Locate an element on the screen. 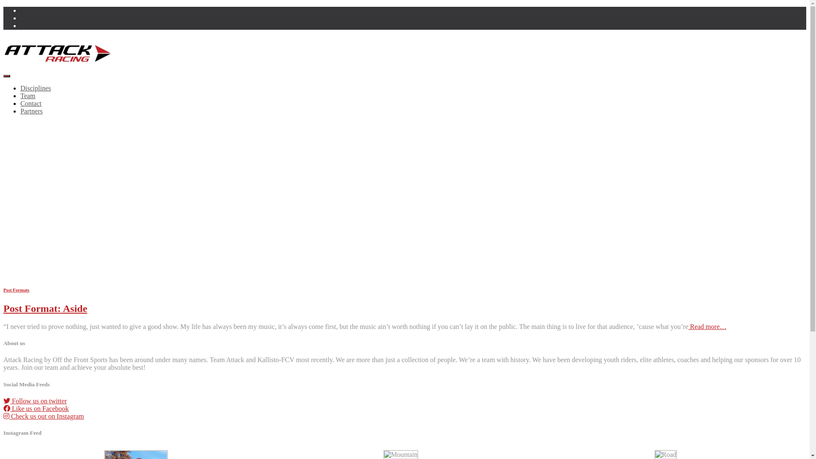 This screenshot has width=816, height=459. 'Check us out on Instagram' is located at coordinates (43, 416).